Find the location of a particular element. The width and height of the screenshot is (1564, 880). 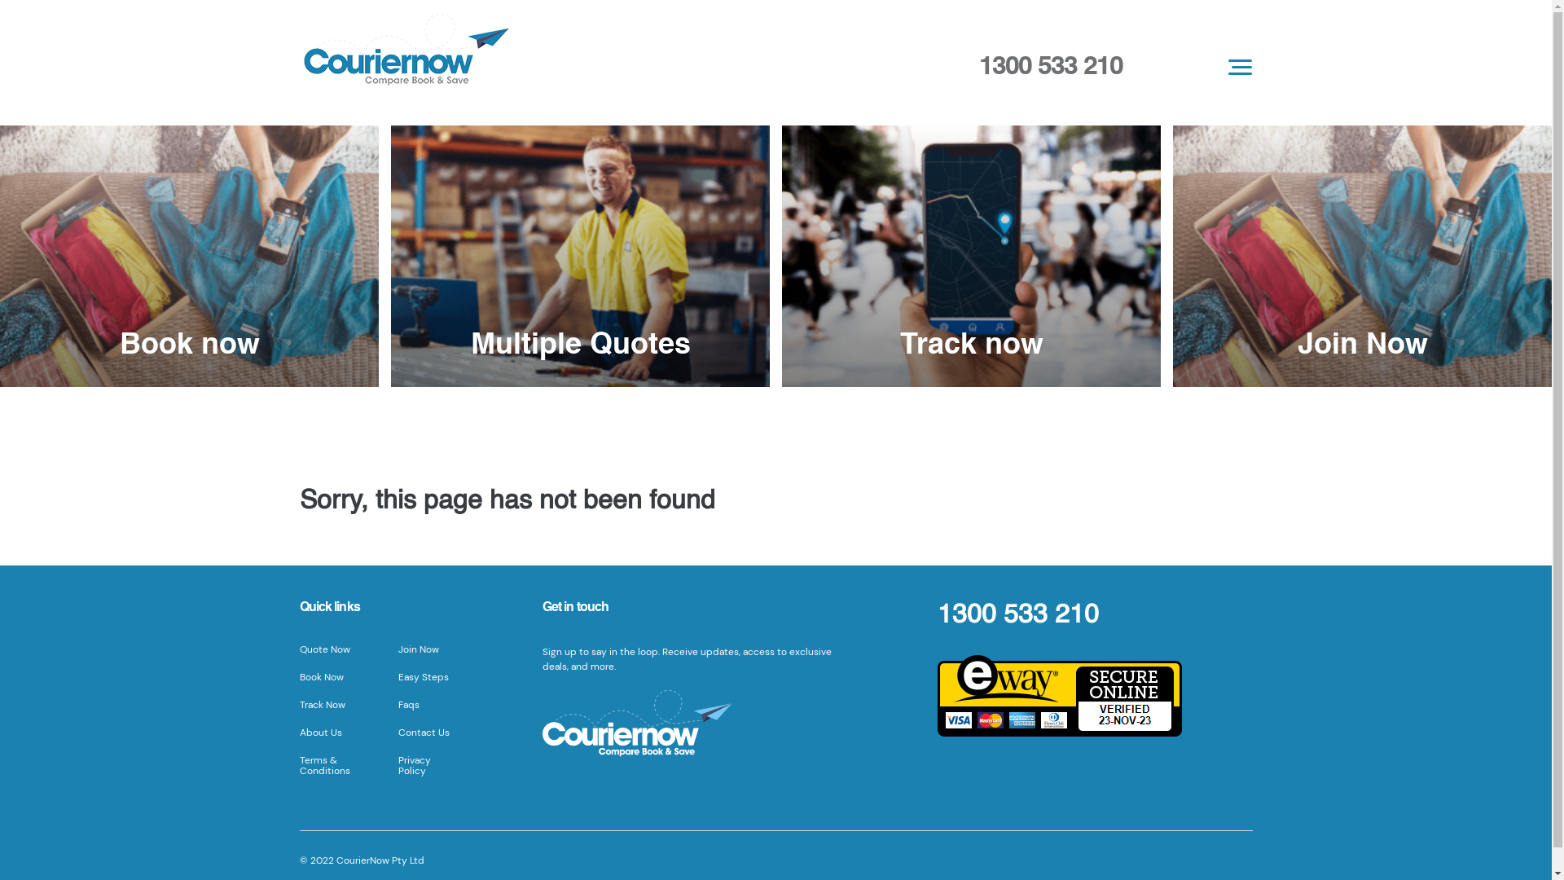

'1300 533 210' is located at coordinates (1051, 65).